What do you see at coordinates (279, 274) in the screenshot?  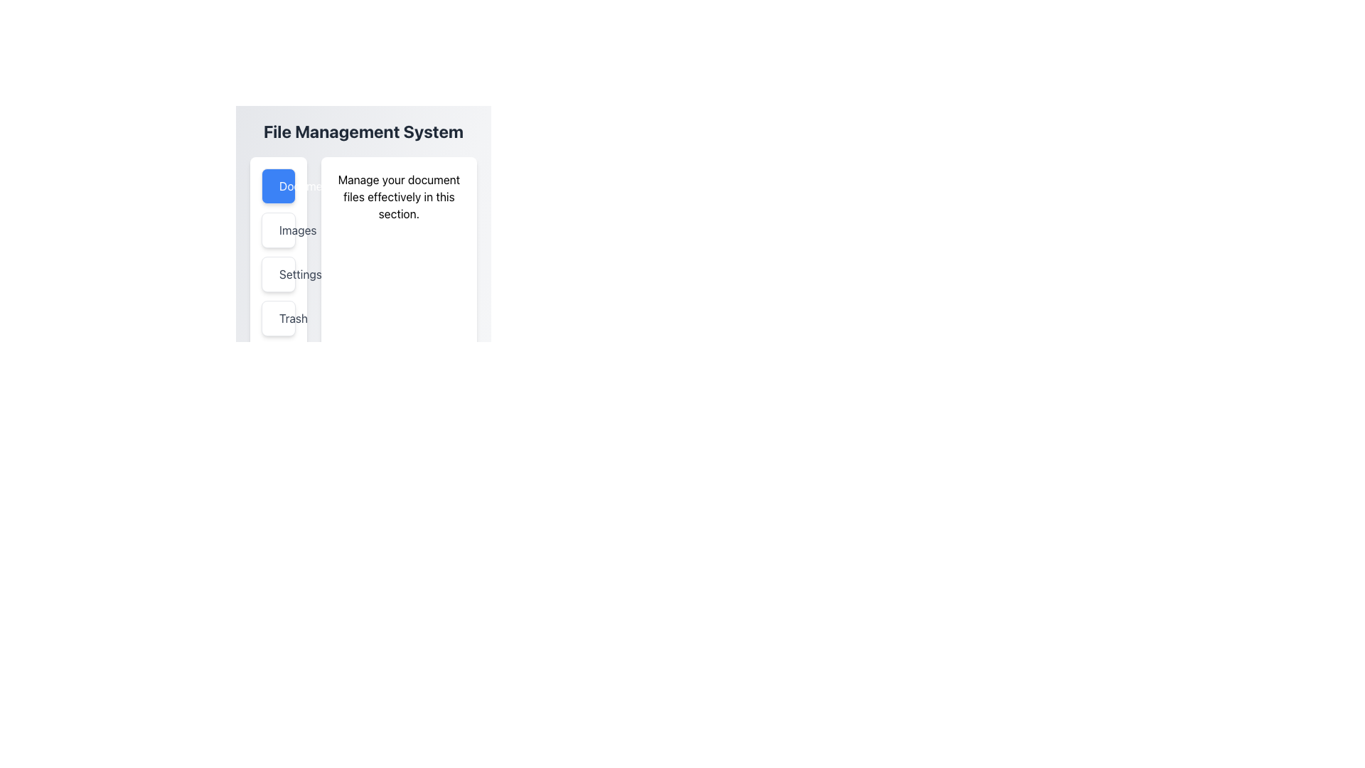 I see `the gear-shaped icon within the 'Settings' button located in the left panel of the interface` at bounding box center [279, 274].